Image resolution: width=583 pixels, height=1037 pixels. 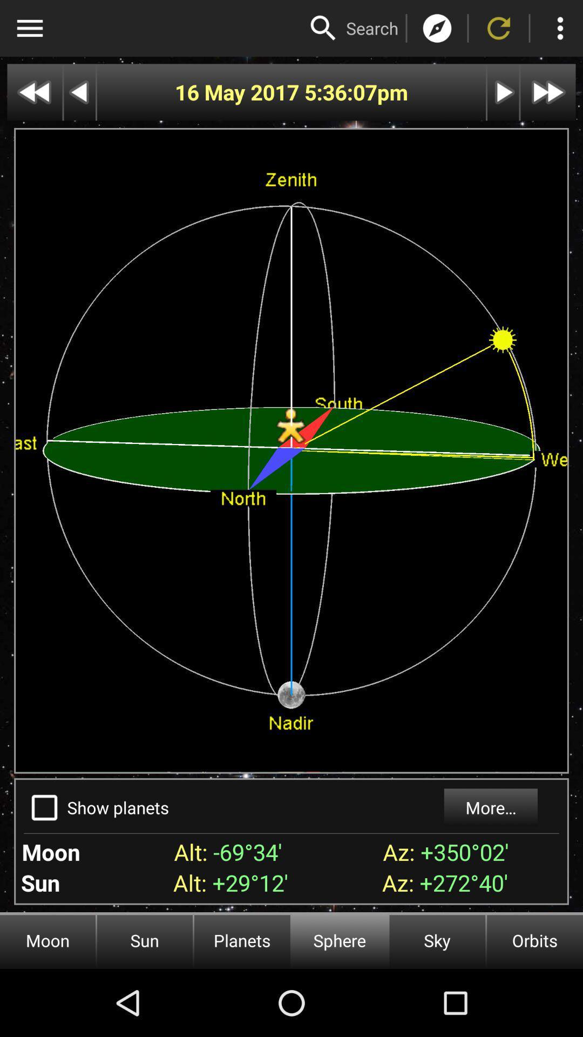 I want to click on refresh the page, so click(x=499, y=28).